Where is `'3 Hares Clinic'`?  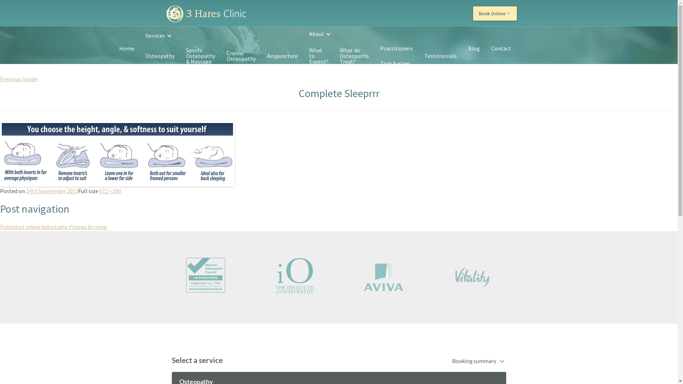
'3 Hares Clinic' is located at coordinates (206, 14).